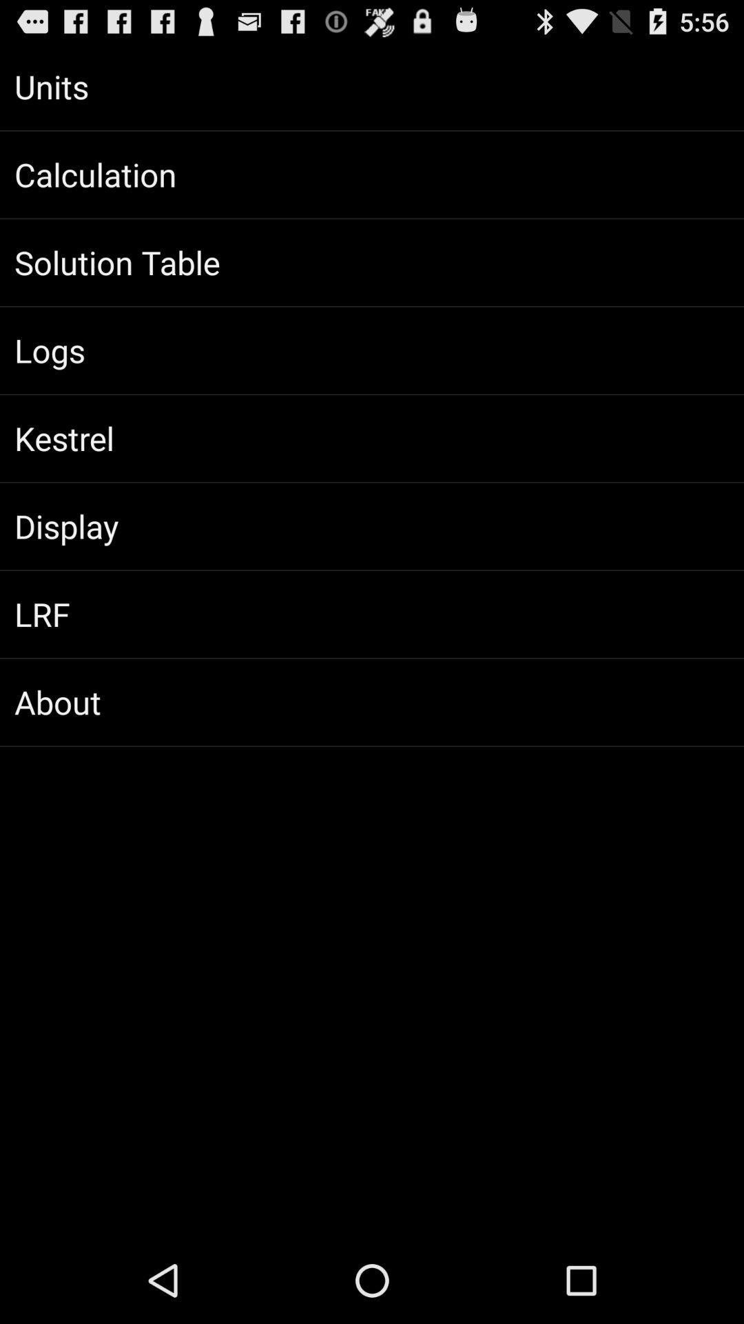  What do you see at coordinates (372, 262) in the screenshot?
I see `the item above logs item` at bounding box center [372, 262].